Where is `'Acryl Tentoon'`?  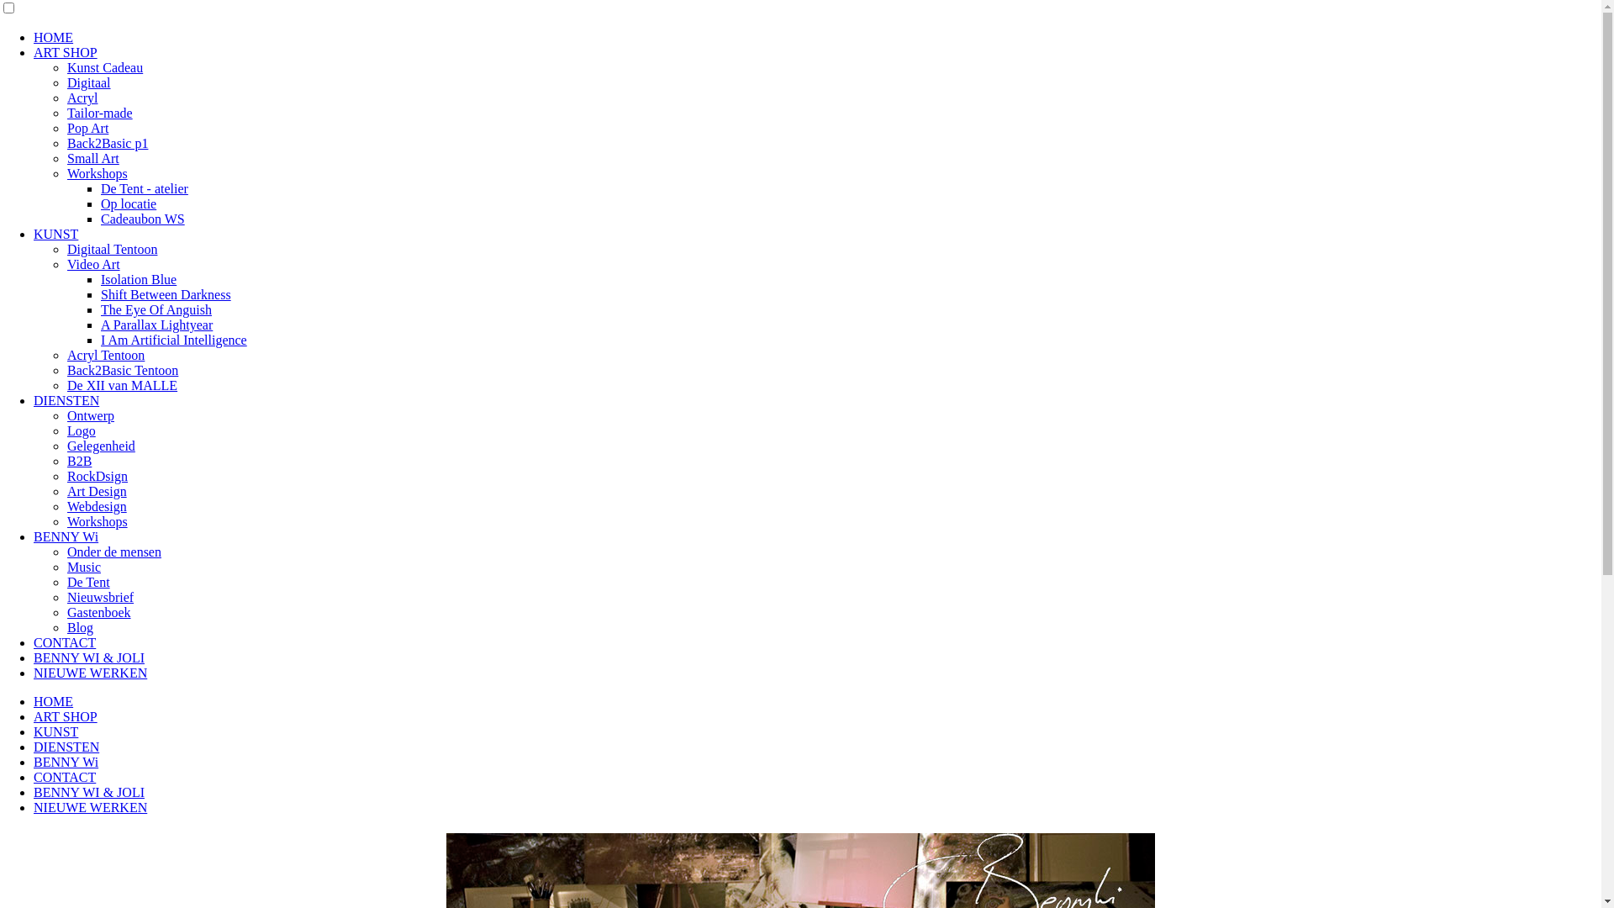
'Acryl Tentoon' is located at coordinates (104, 354).